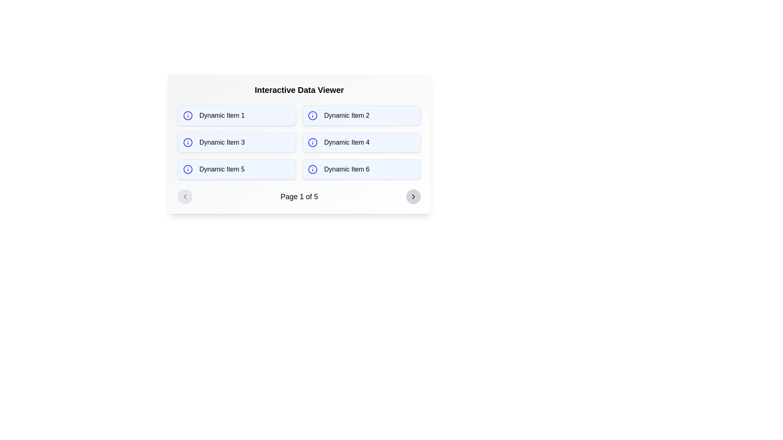  What do you see at coordinates (236, 142) in the screenshot?
I see `the informational card located` at bounding box center [236, 142].